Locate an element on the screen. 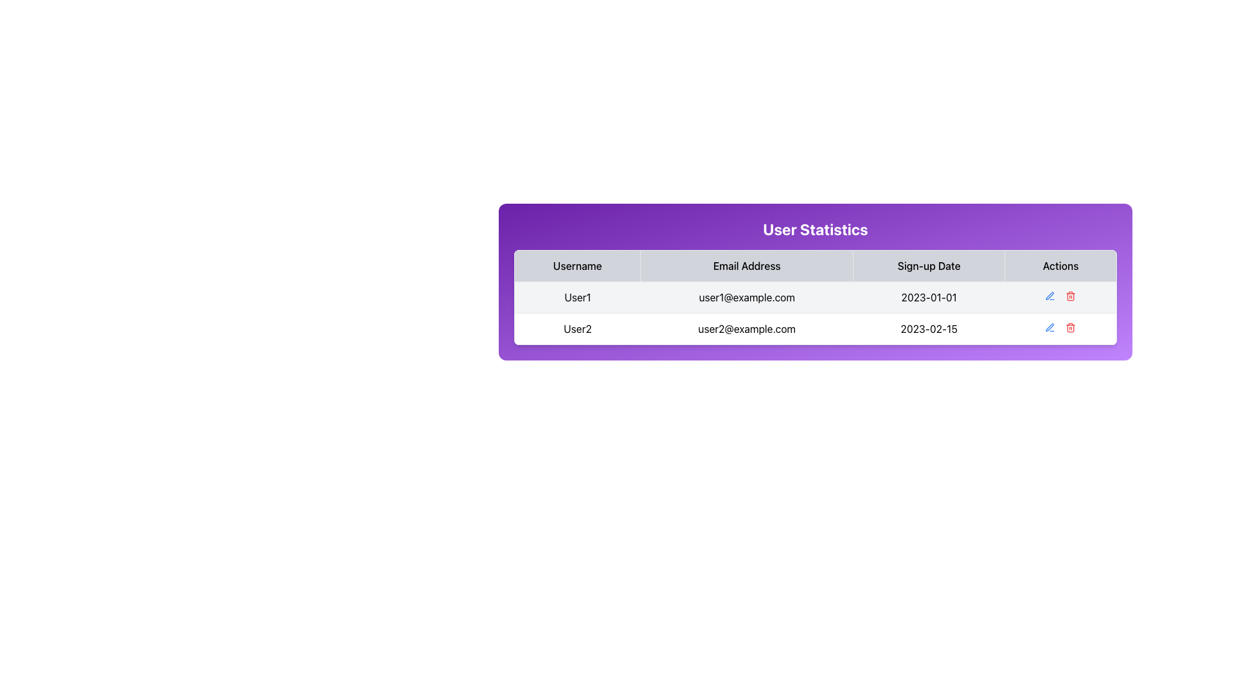 Image resolution: width=1234 pixels, height=694 pixels. the text label reading 'User2' which is centrally aligned in the first column of the second row in a user details table is located at coordinates (577, 328).